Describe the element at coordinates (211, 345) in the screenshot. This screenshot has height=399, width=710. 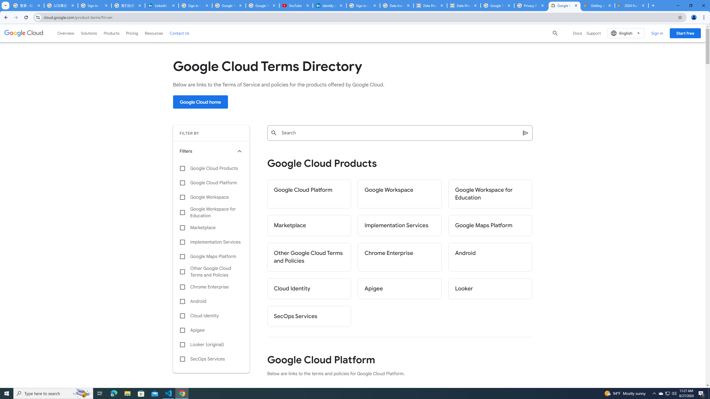
I see `'Looker (original)'` at that location.